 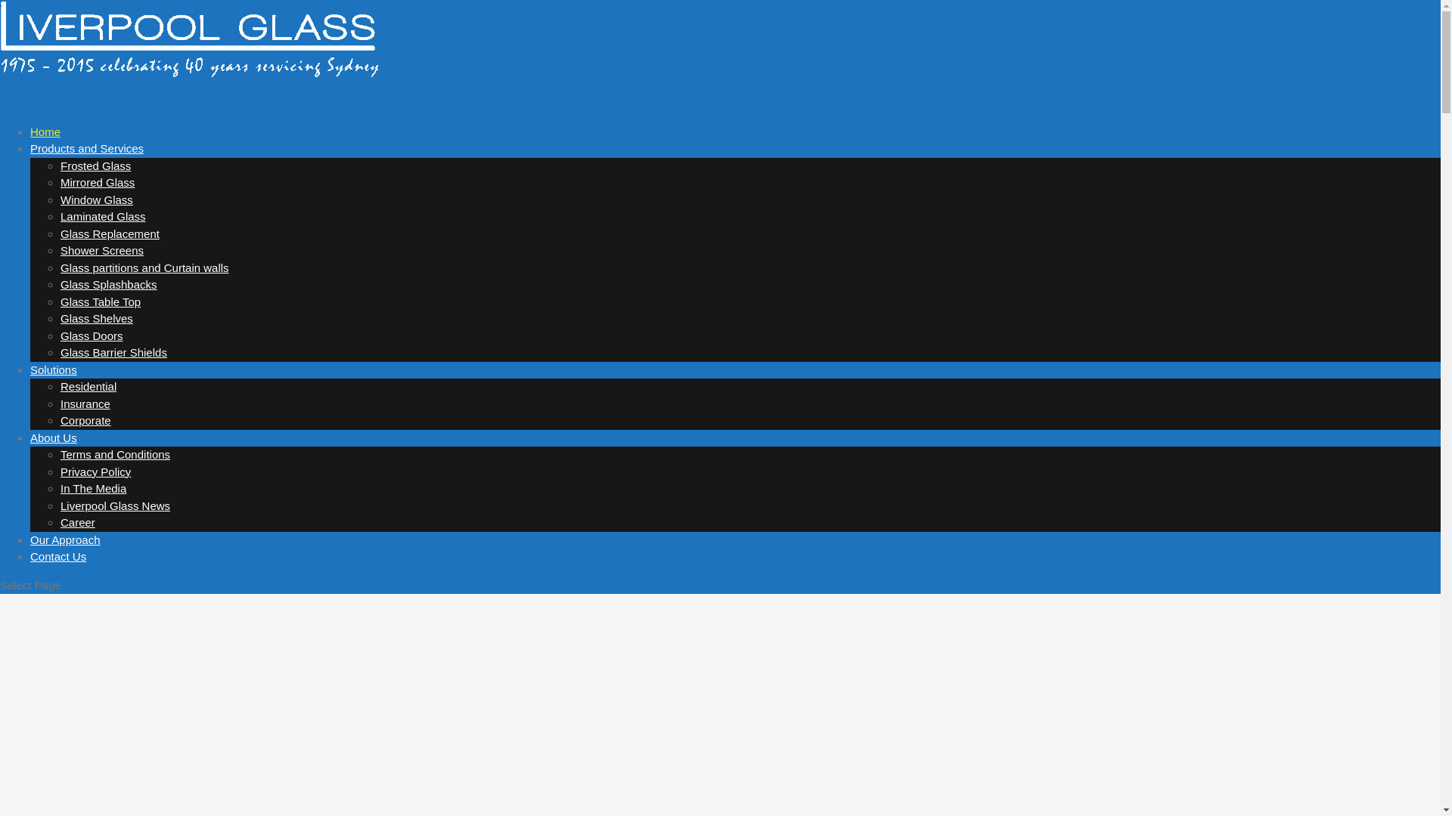 I want to click on 'Corporate', so click(x=60, y=420).